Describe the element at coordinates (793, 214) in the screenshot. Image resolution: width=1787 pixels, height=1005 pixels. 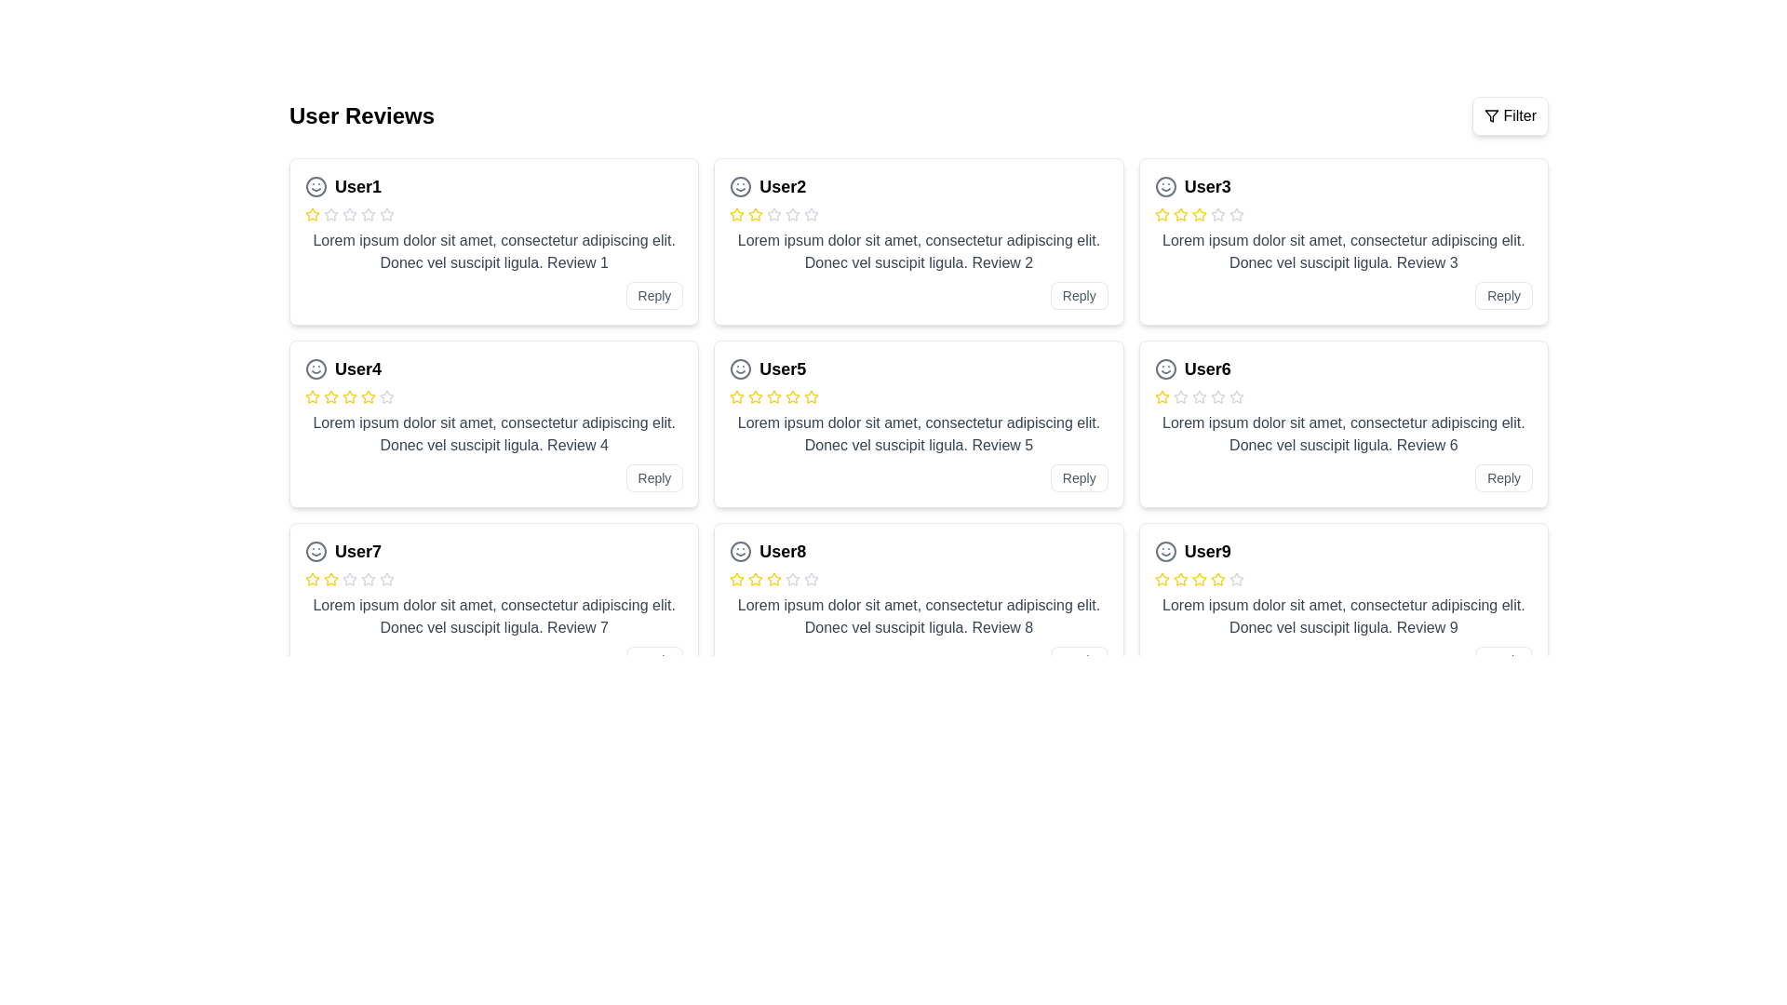
I see `the fourth star in the rating section of the comment card for 'User2', which is styled in light gray and part of a horizontal sequence of five stars` at that location.